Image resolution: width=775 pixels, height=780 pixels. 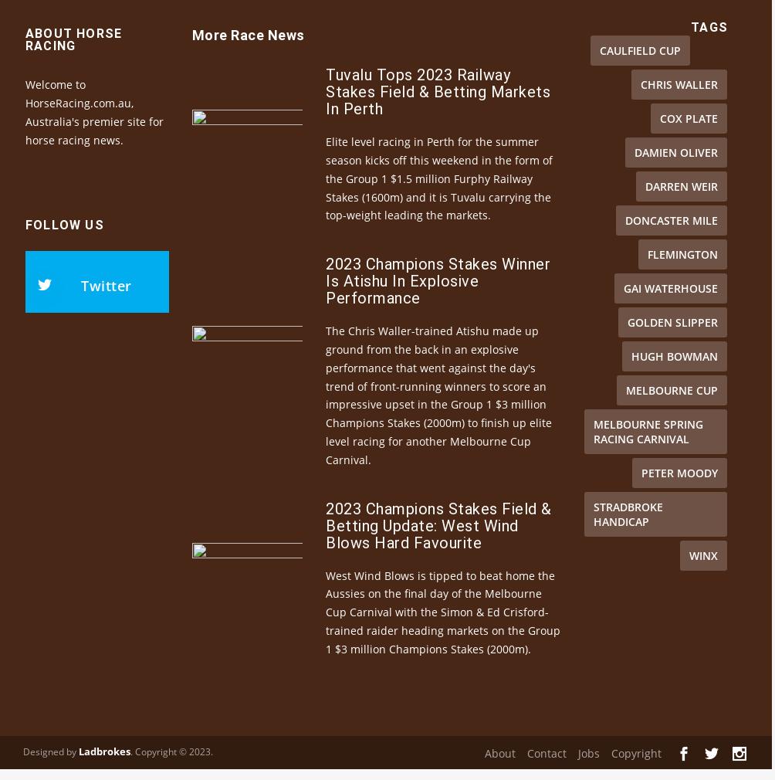 I want to click on 'Doncaster Mile', so click(x=625, y=246).